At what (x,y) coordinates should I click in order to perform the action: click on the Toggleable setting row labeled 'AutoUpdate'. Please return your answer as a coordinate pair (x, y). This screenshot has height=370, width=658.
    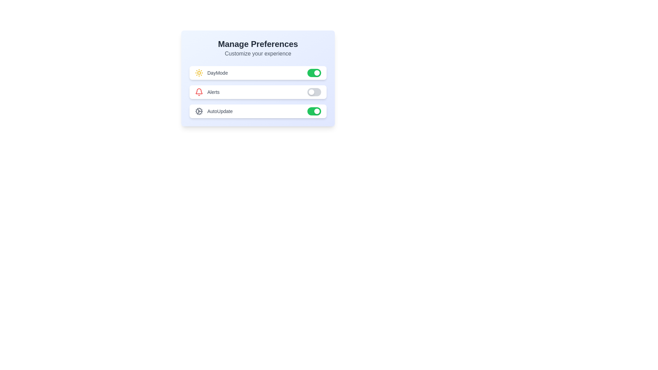
    Looking at the image, I should click on (258, 111).